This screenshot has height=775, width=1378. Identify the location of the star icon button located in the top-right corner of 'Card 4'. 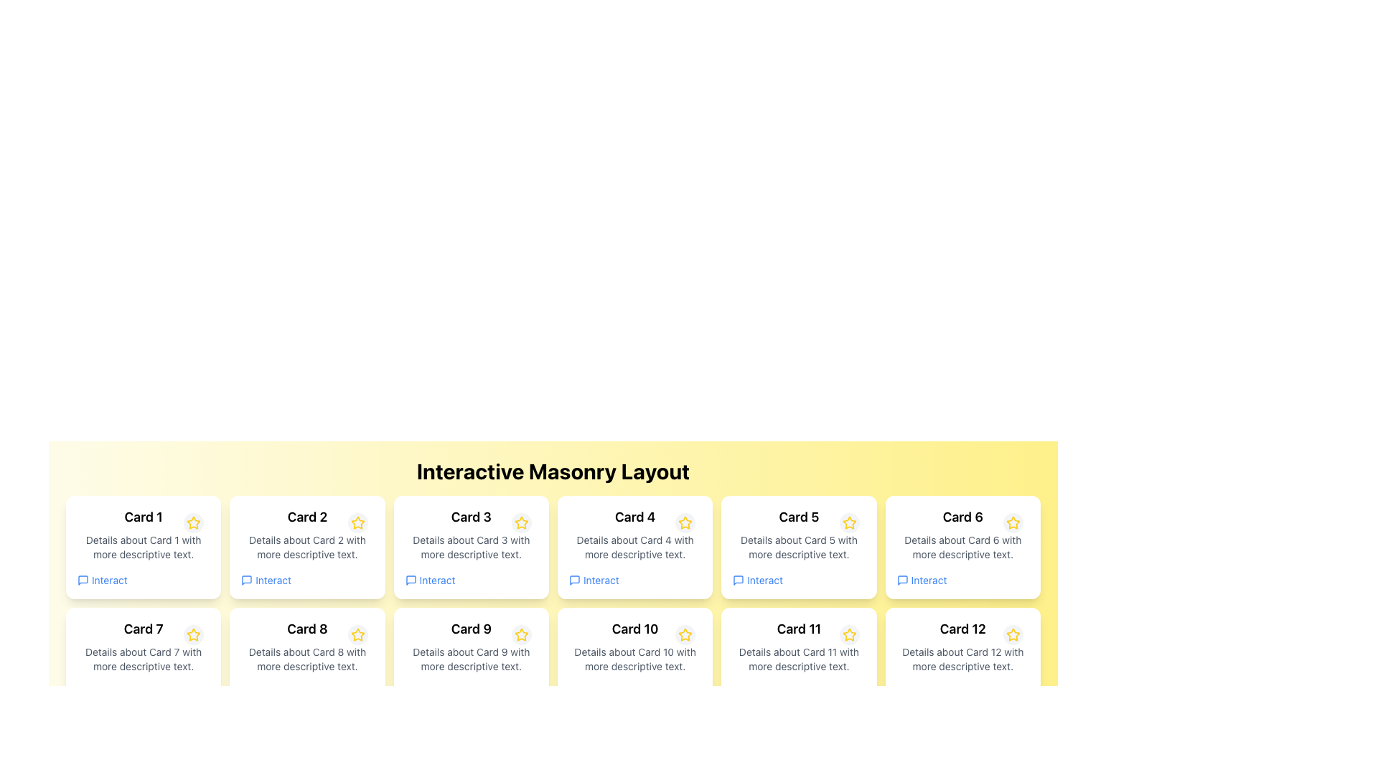
(685, 523).